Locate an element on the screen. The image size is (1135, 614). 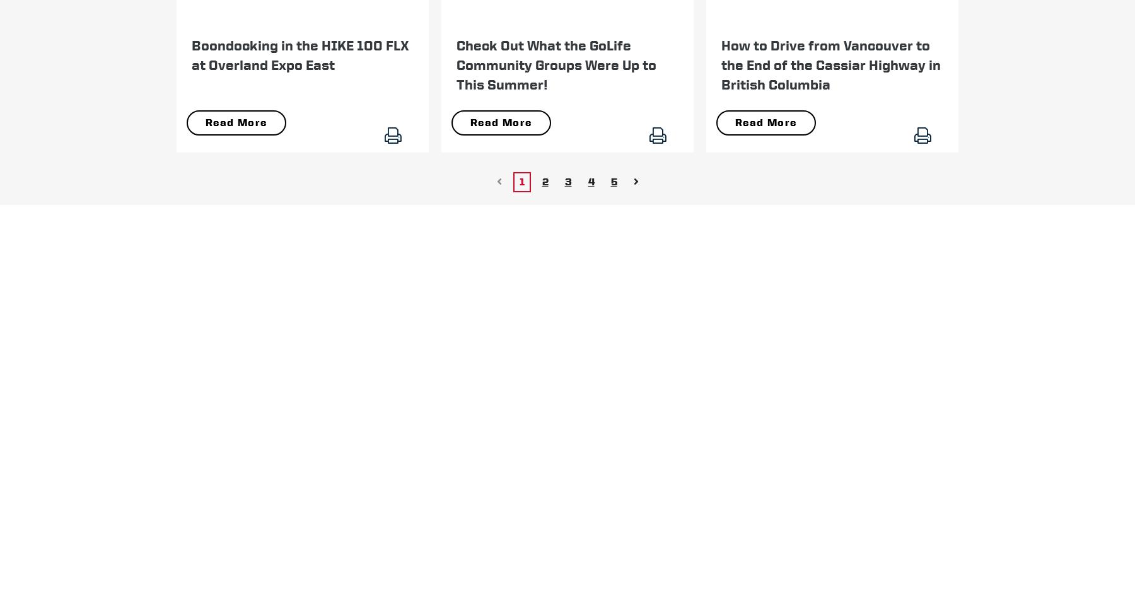
'Subscribe to the latest news on our motorhomes, the RV lifestyle, and more.' is located at coordinates (322, 333).